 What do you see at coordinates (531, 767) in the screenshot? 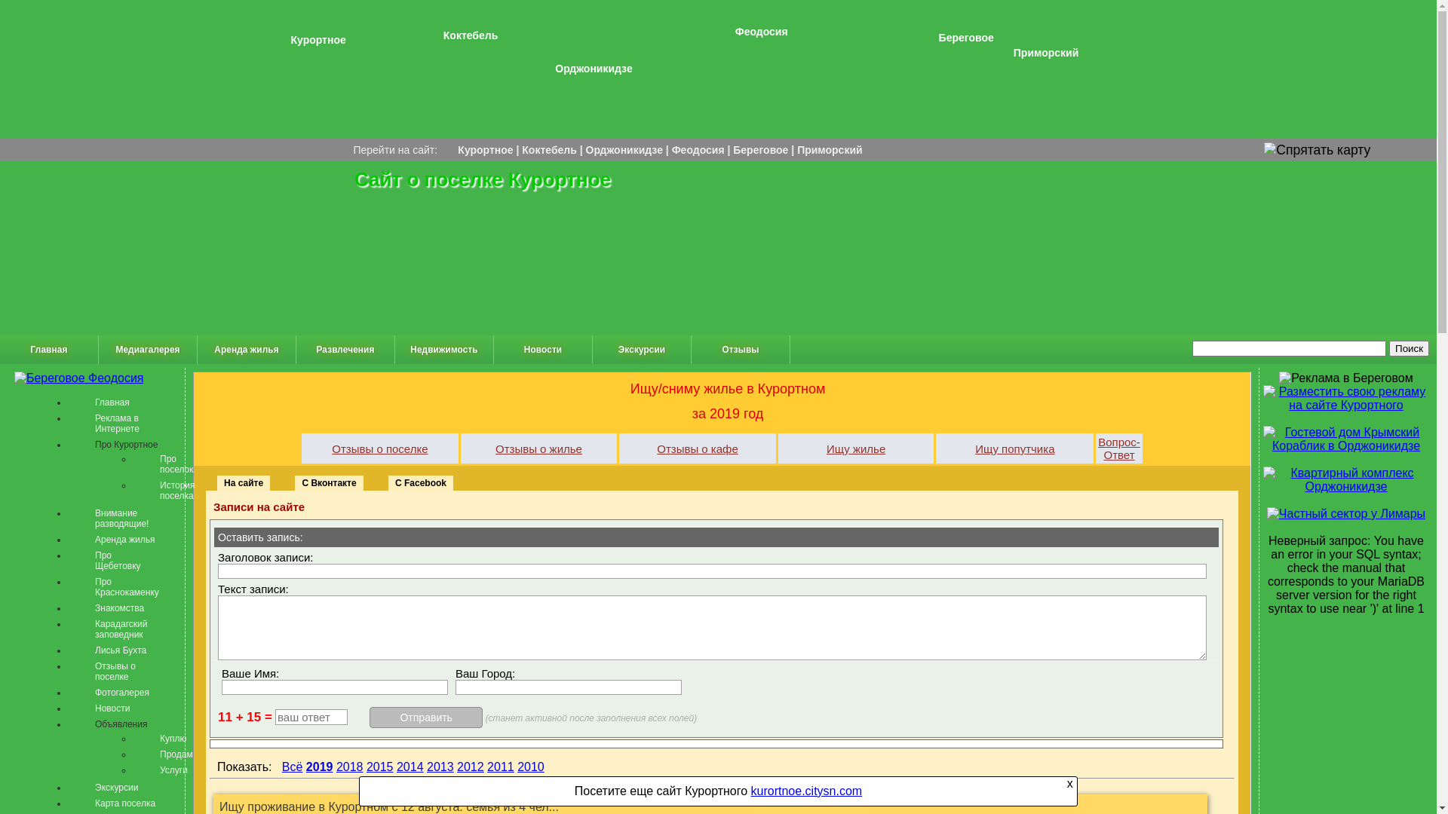
I see `'2010'` at bounding box center [531, 767].